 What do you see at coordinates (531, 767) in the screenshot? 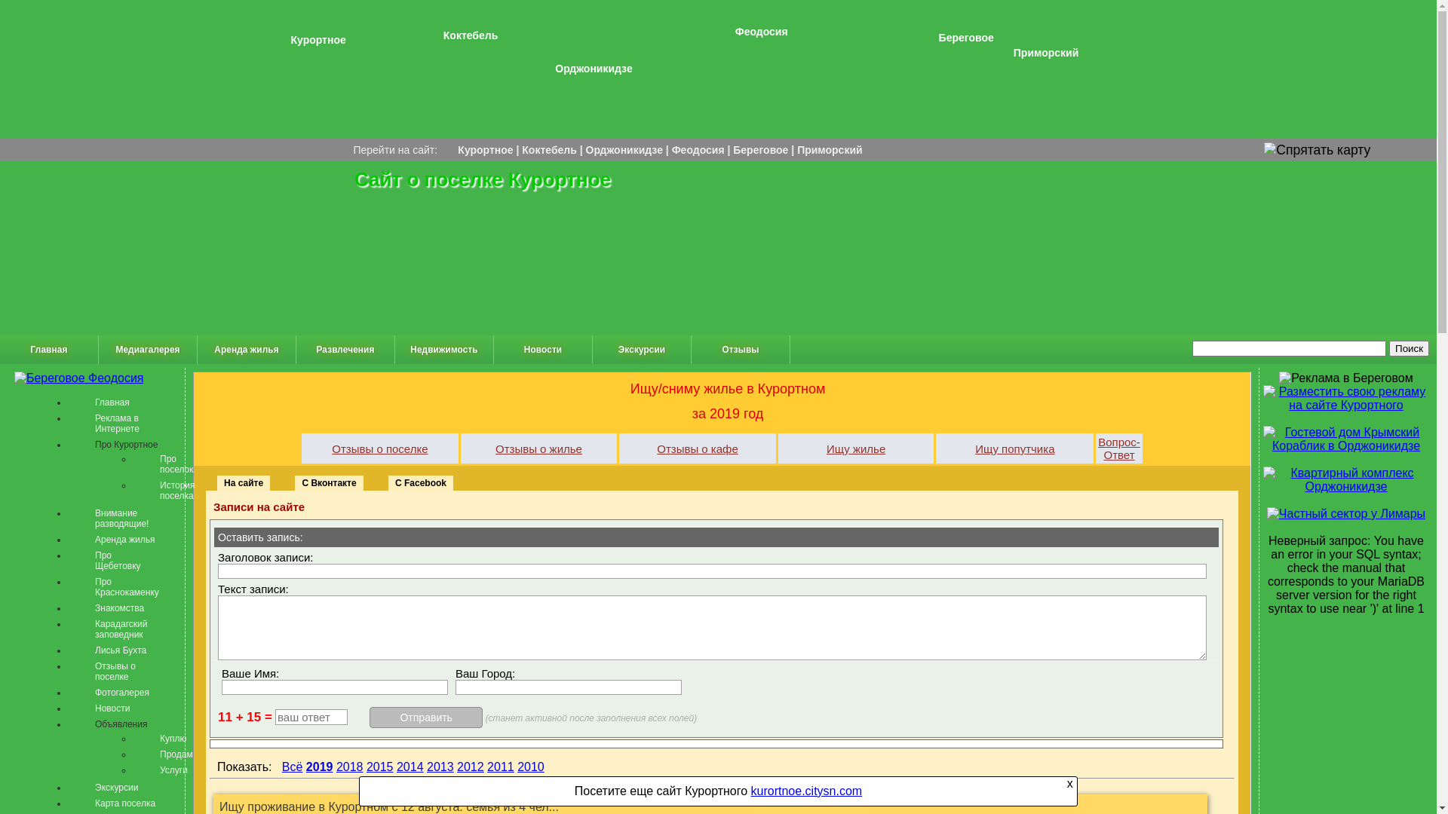
I see `'2010'` at bounding box center [531, 767].